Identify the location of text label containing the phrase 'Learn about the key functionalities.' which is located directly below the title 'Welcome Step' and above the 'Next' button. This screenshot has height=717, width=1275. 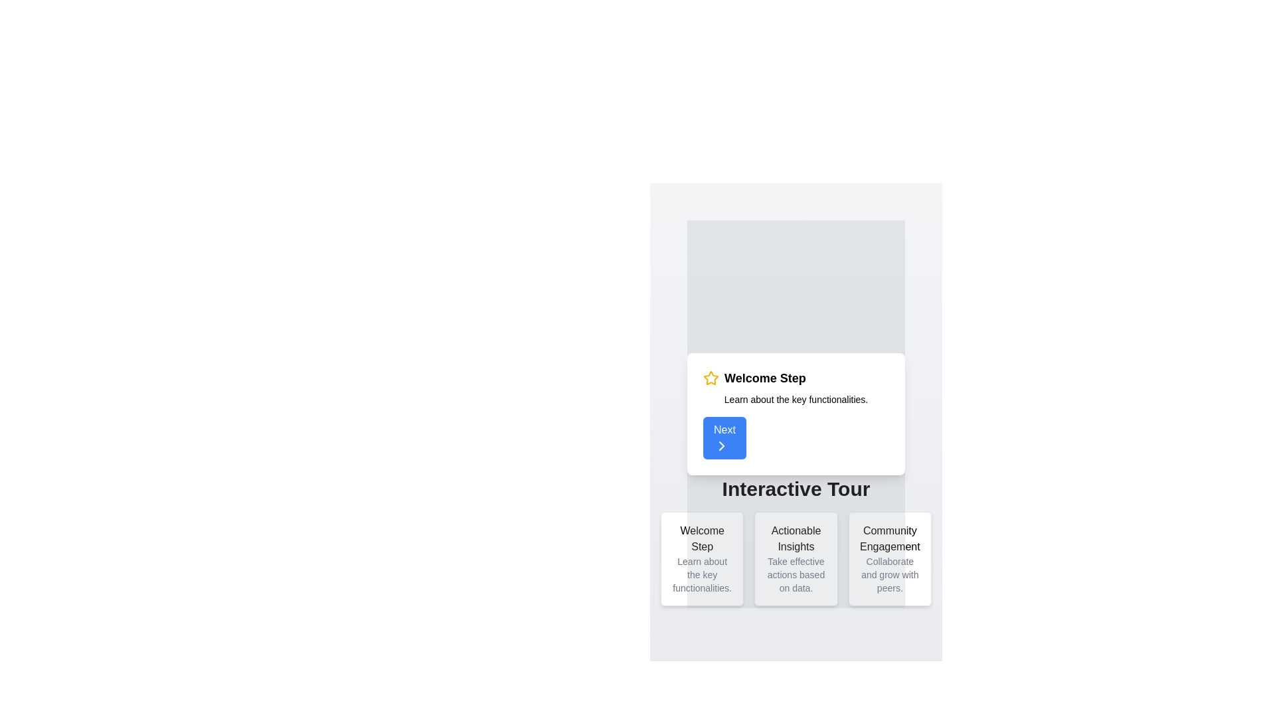
(796, 398).